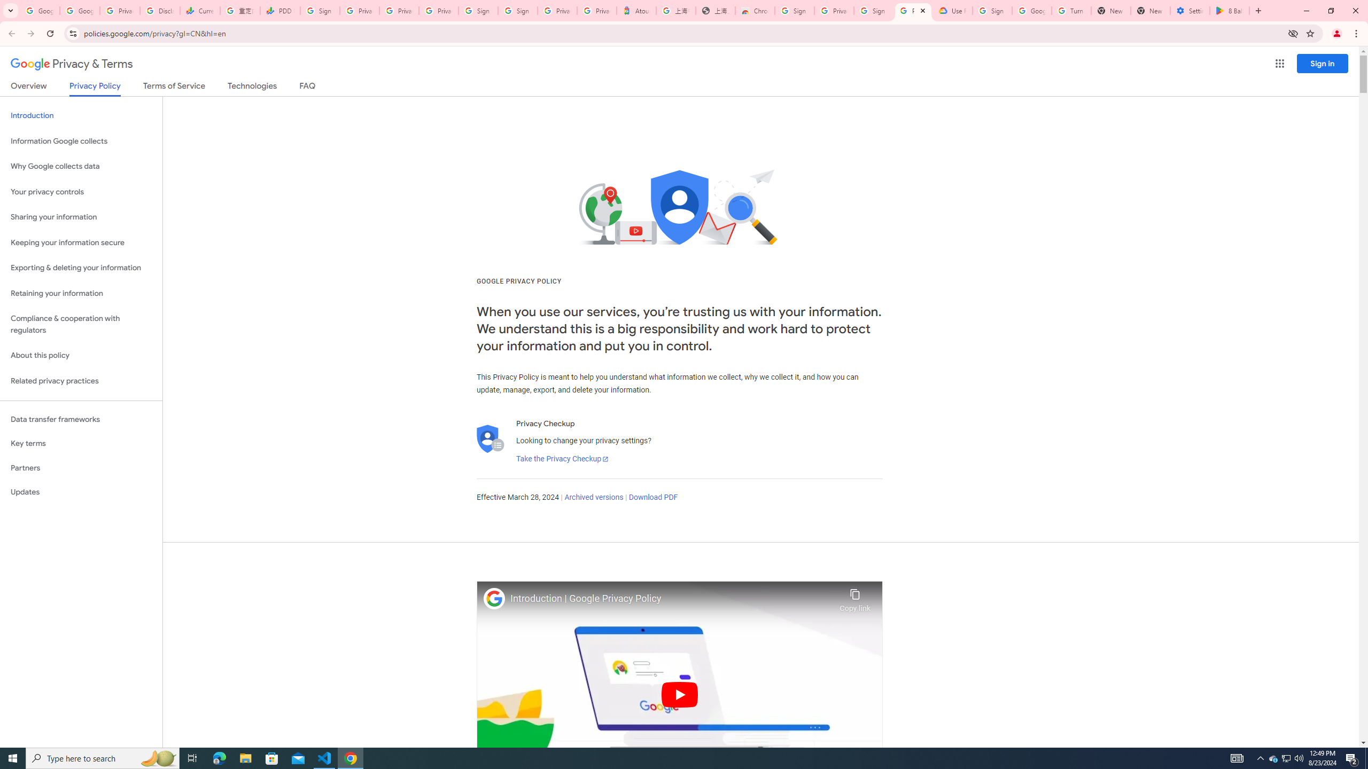 The width and height of the screenshot is (1368, 769). What do you see at coordinates (1150, 10) in the screenshot?
I see `'New Tab'` at bounding box center [1150, 10].